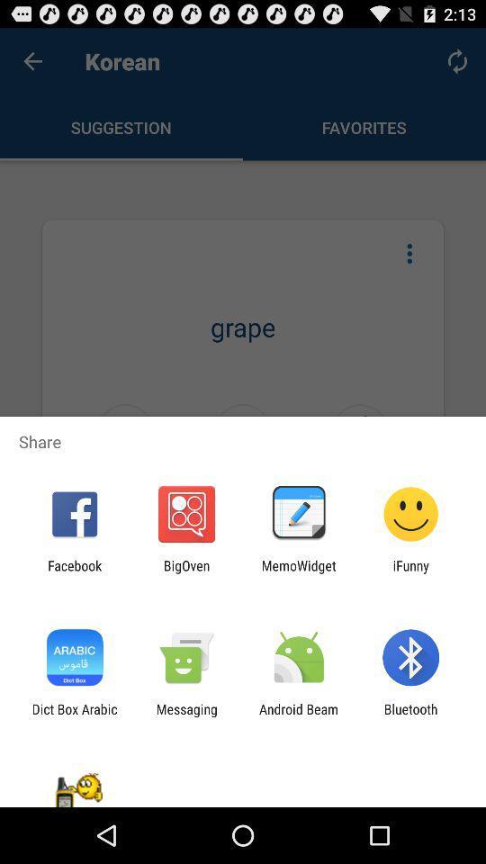  I want to click on the app to the left of the bluetooth, so click(299, 716).